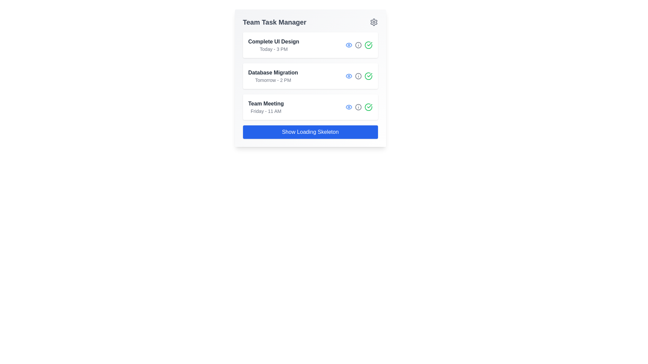  What do you see at coordinates (349, 45) in the screenshot?
I see `the blue eye-shaped icon button at the top section of the 'Complete UI Design' task card` at bounding box center [349, 45].